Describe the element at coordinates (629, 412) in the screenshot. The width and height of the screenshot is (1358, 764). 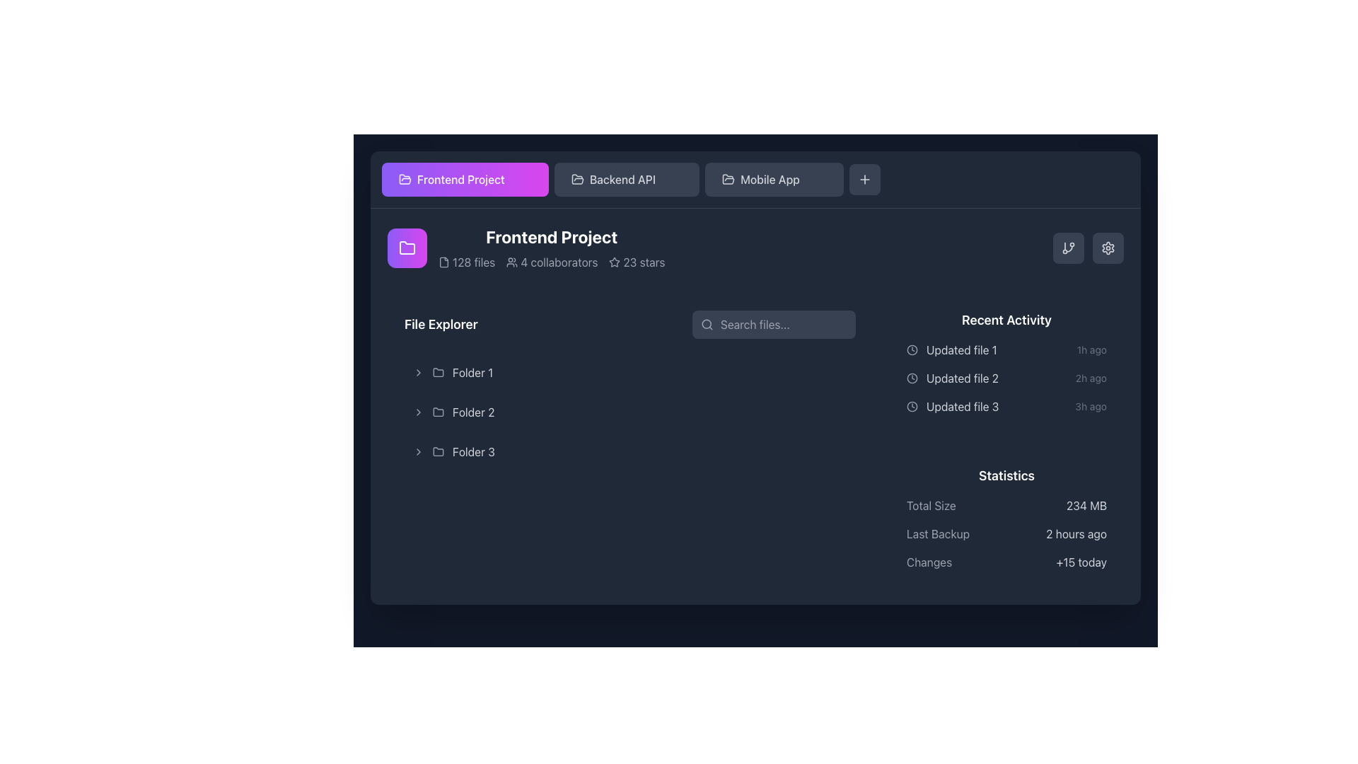
I see `the expandable list item labeled 'Folder 2'` at that location.